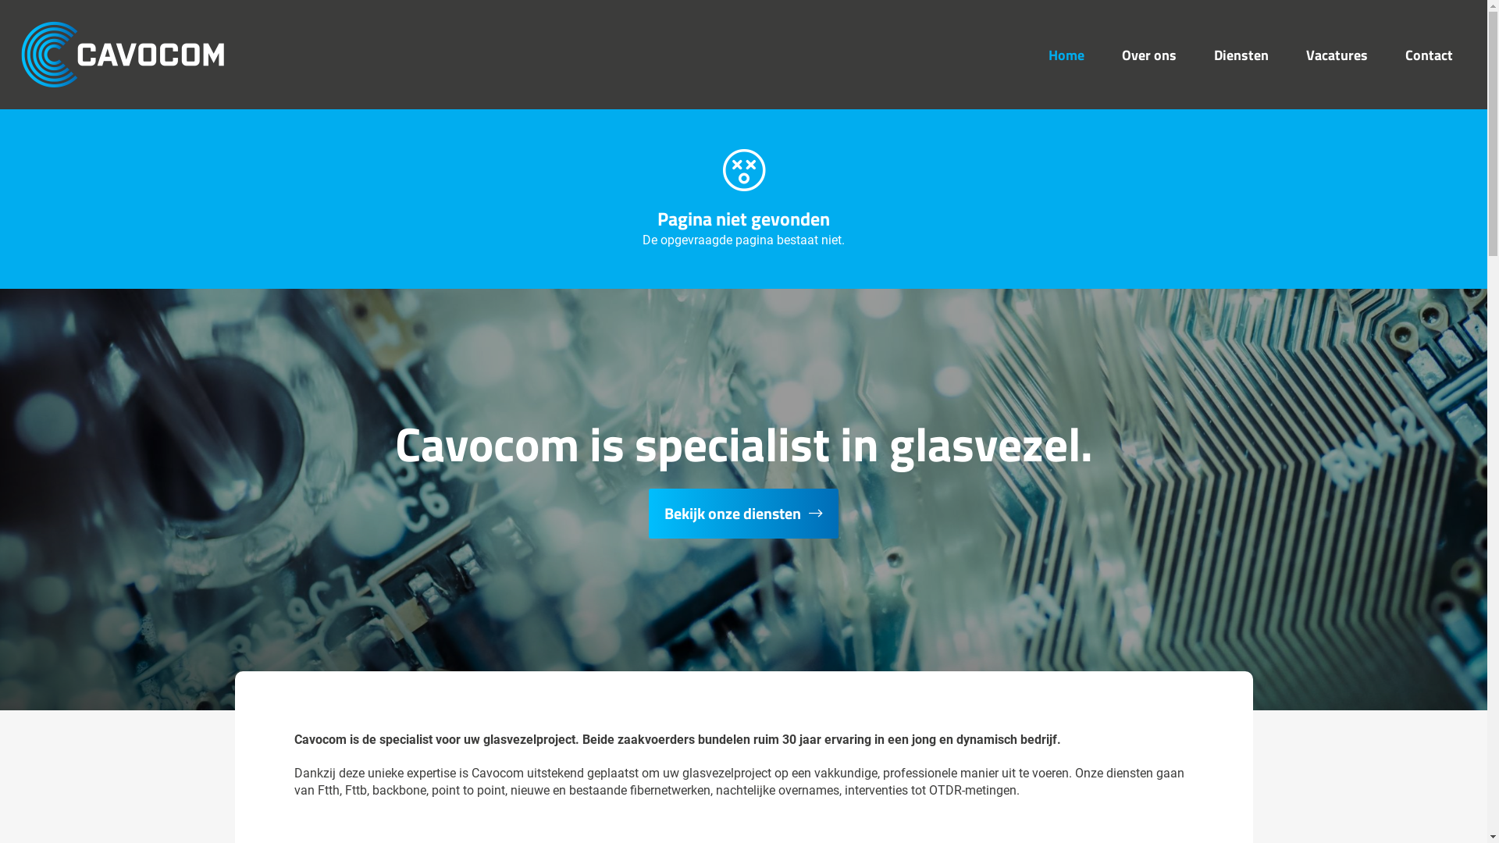 The width and height of the screenshot is (1499, 843). What do you see at coordinates (1066, 53) in the screenshot?
I see `'Home'` at bounding box center [1066, 53].